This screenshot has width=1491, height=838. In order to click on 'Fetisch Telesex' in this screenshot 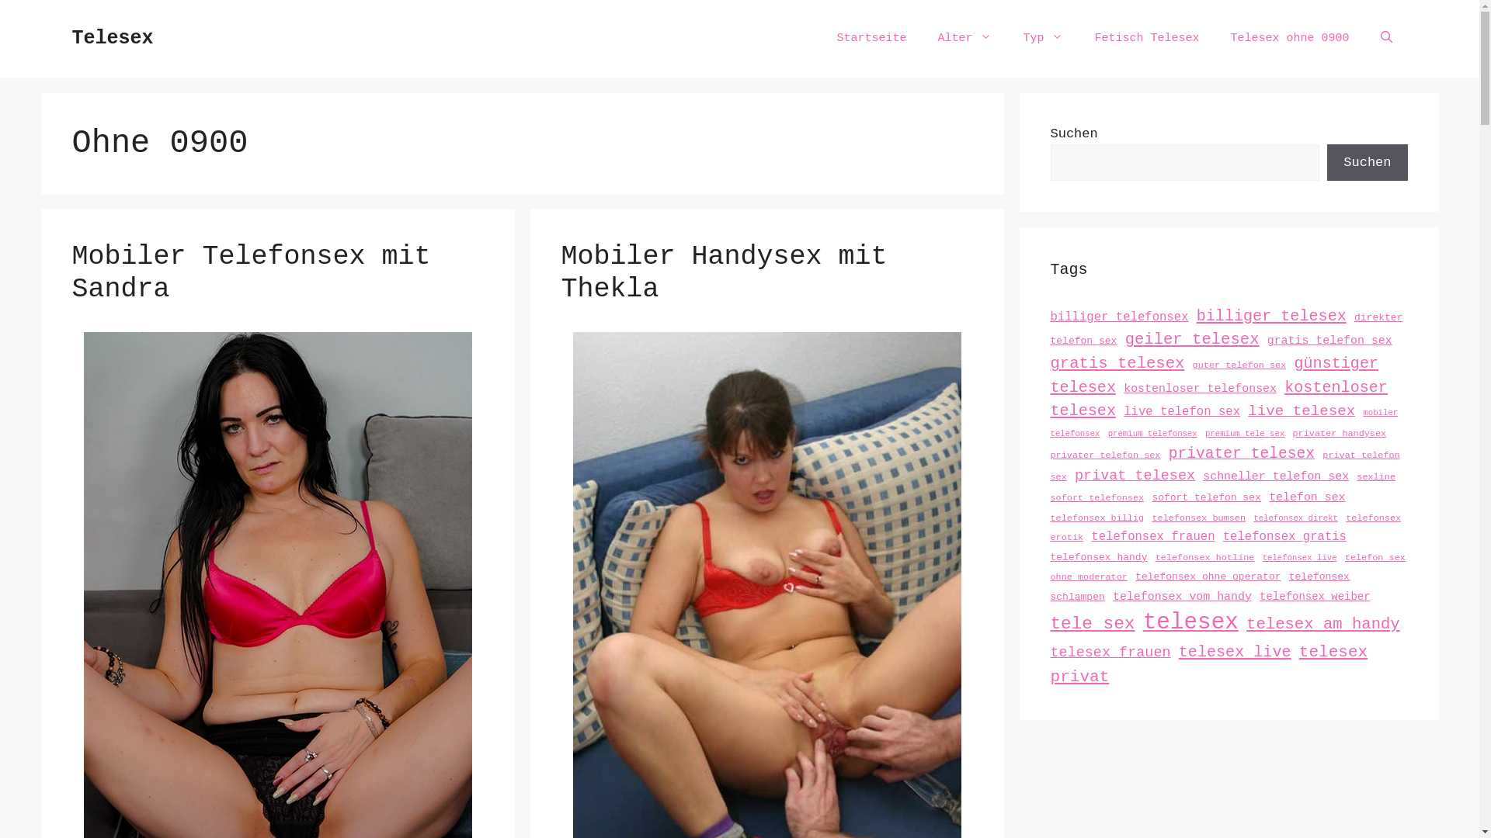, I will do `click(1146, 38)`.